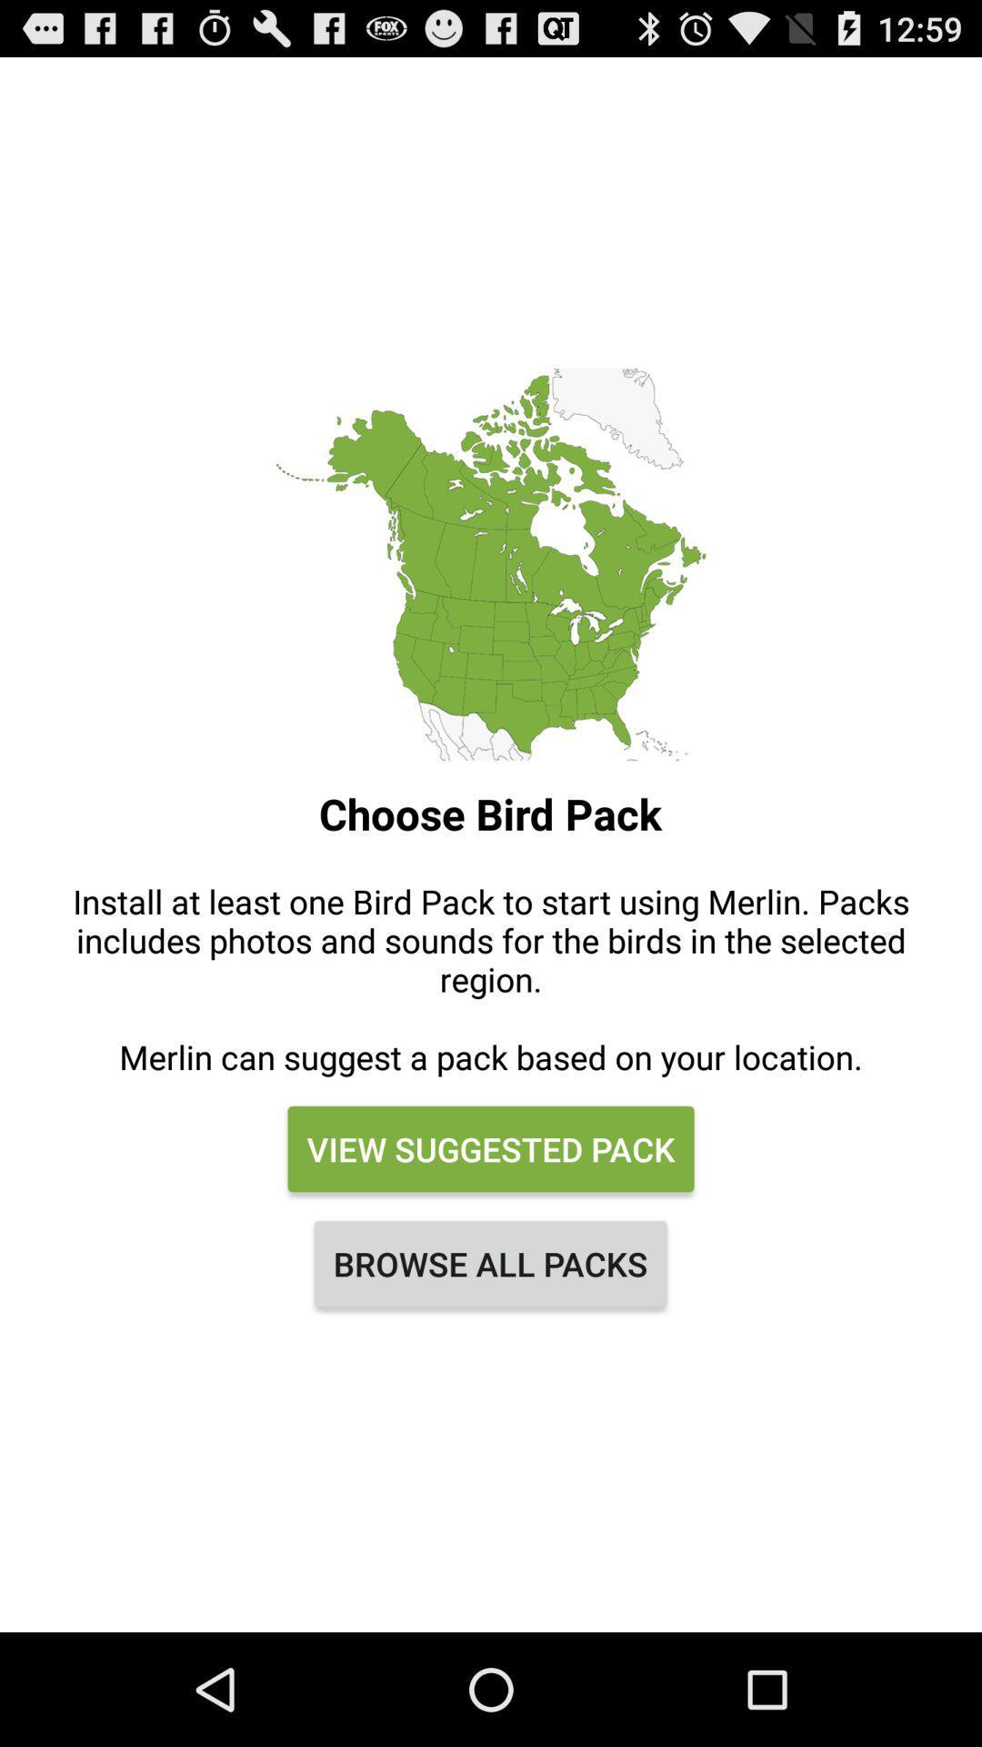  I want to click on browse all packs, so click(489, 1262).